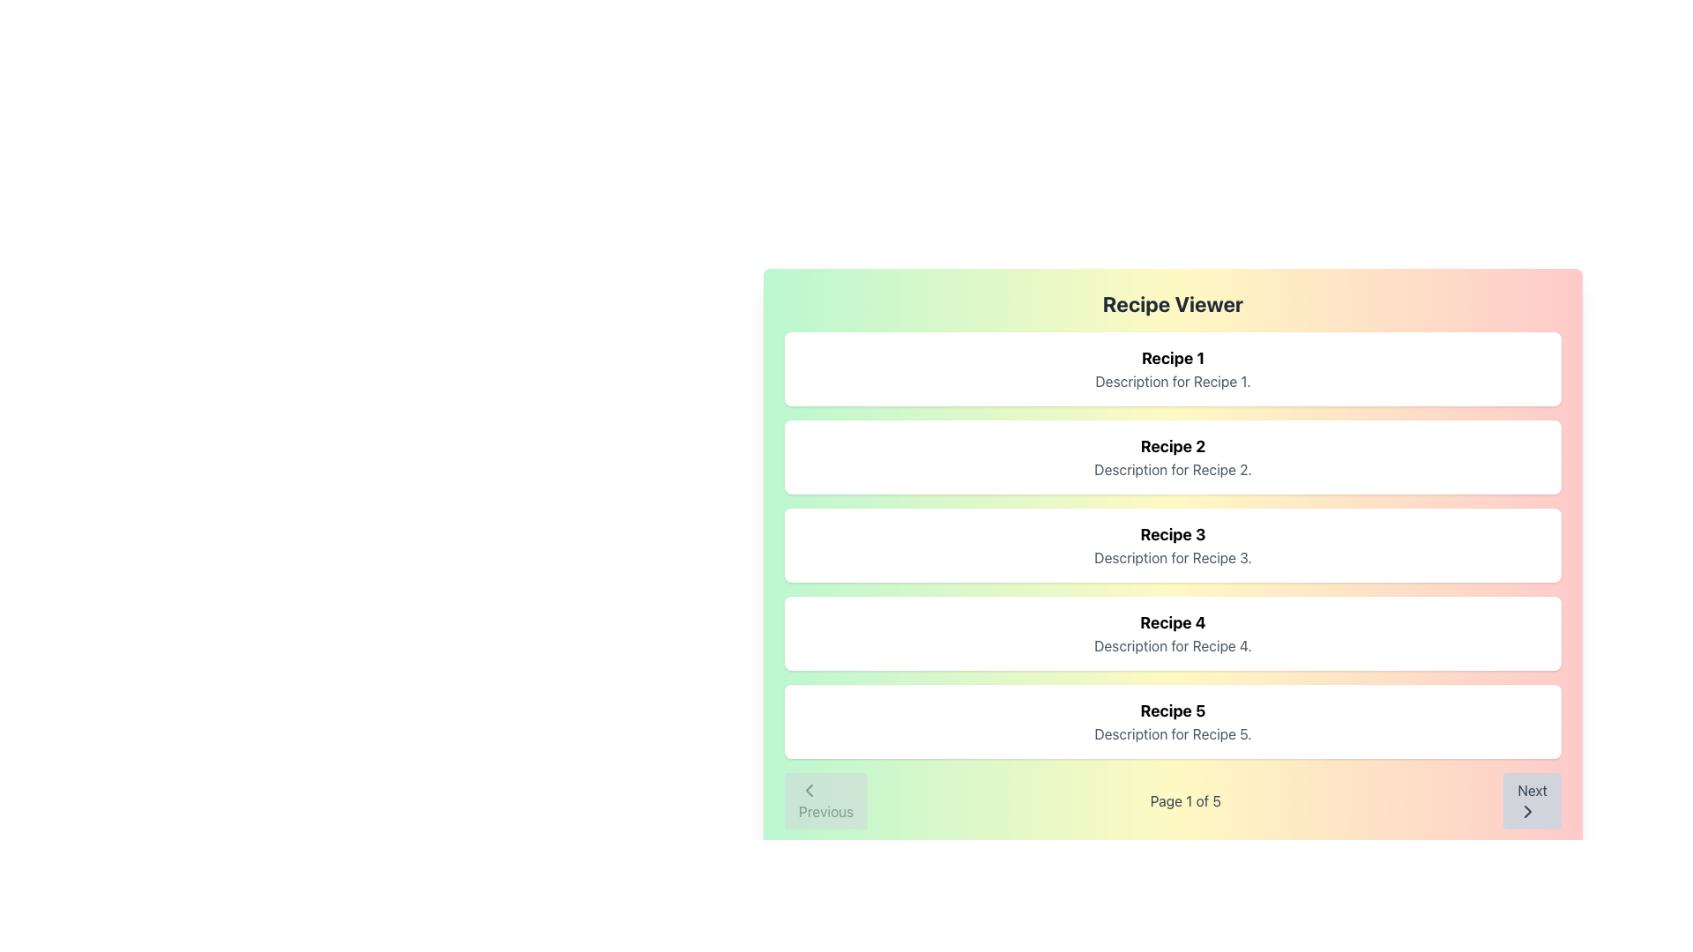  I want to click on the text label displaying 'Recipe 5', which is styled as a bold, large header in the fifth recipe card, so click(1173, 710).